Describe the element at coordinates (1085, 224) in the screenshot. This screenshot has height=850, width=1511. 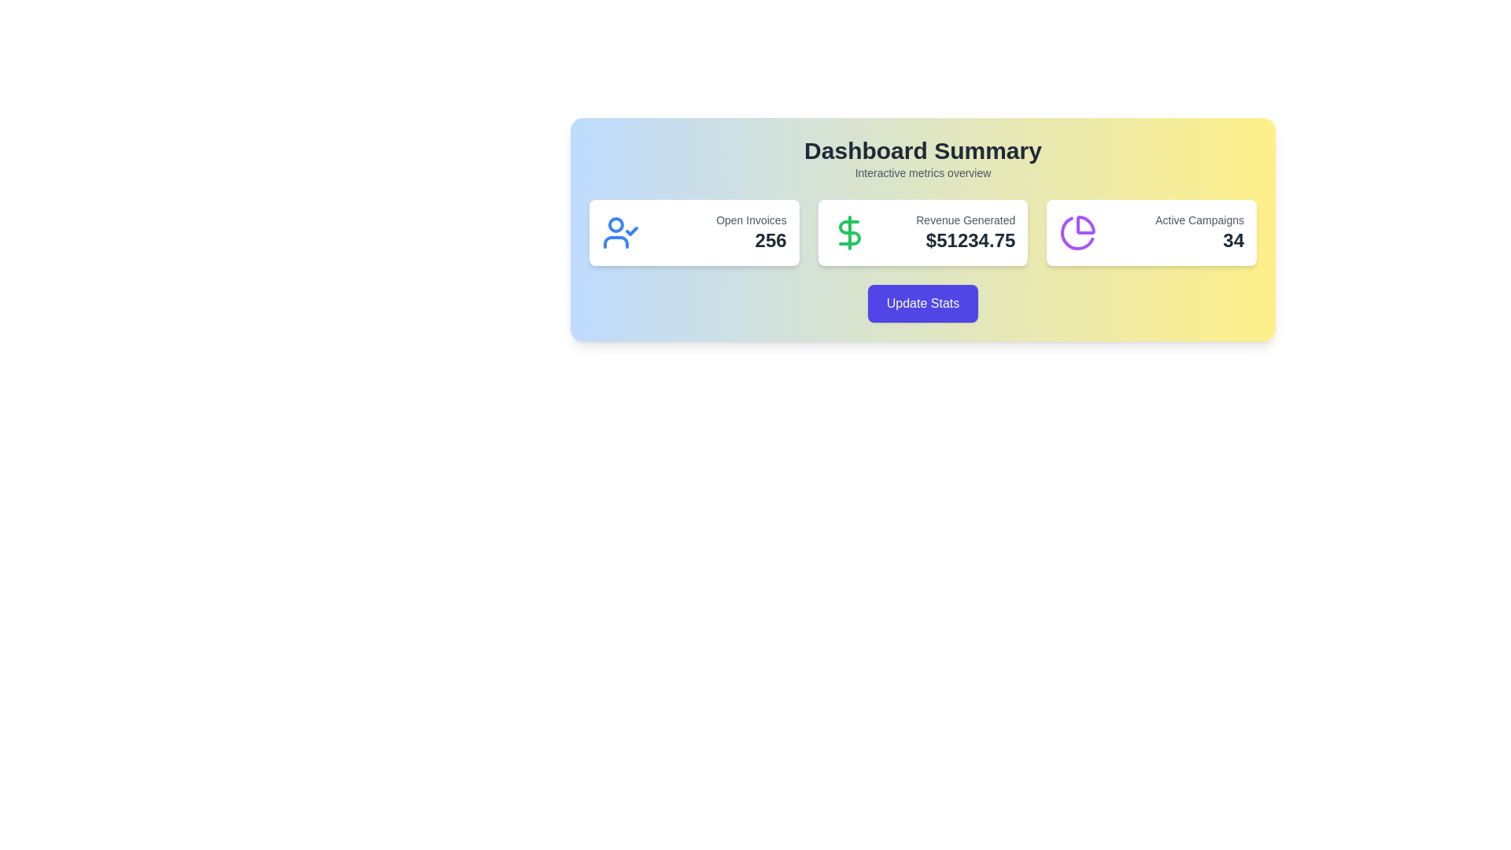
I see `the shaded segment of the pie-chart icon located within the 'Active Campaigns' card` at that location.